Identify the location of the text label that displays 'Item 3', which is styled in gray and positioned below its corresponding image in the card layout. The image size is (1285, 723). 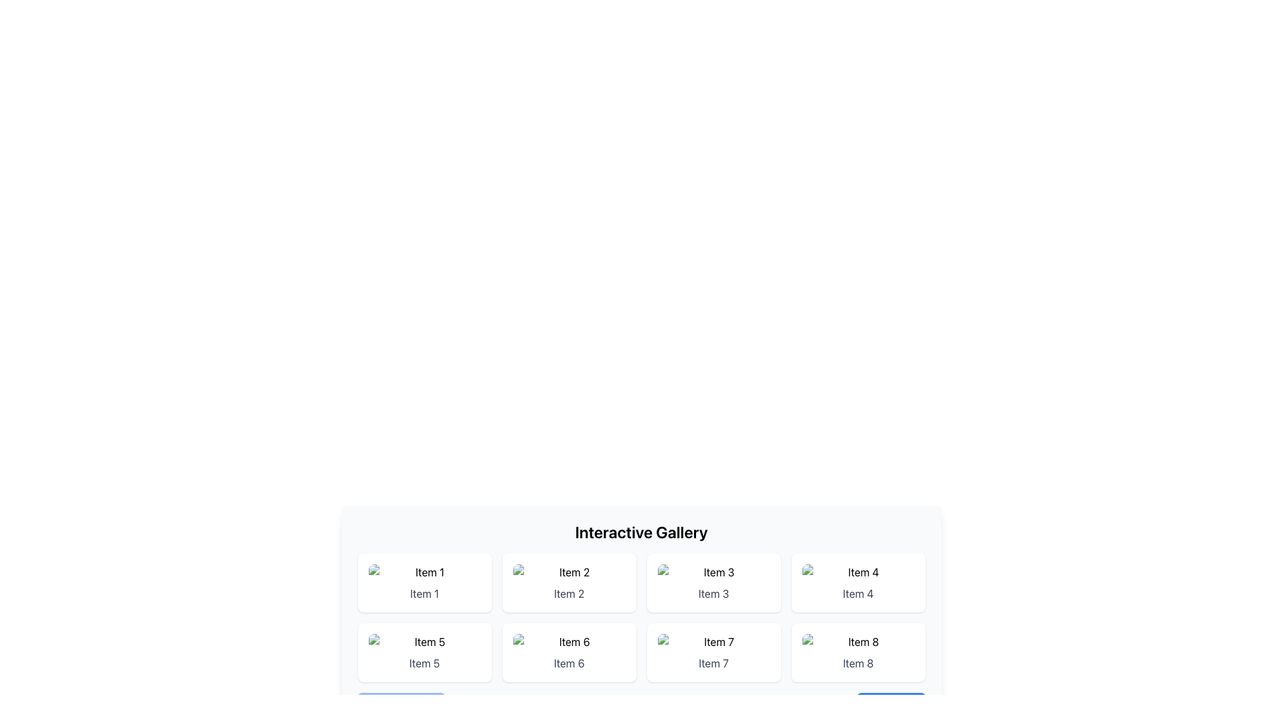
(713, 593).